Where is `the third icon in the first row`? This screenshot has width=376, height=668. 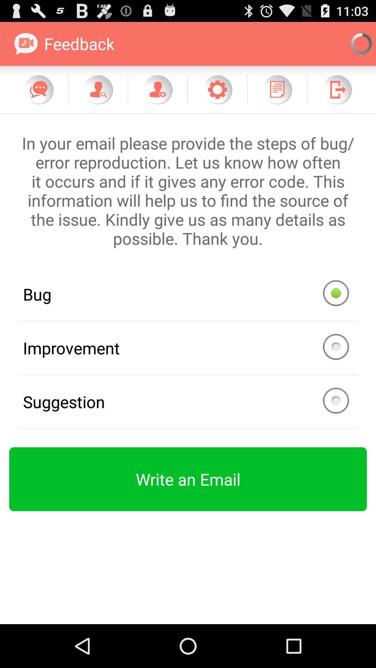 the third icon in the first row is located at coordinates (157, 89).